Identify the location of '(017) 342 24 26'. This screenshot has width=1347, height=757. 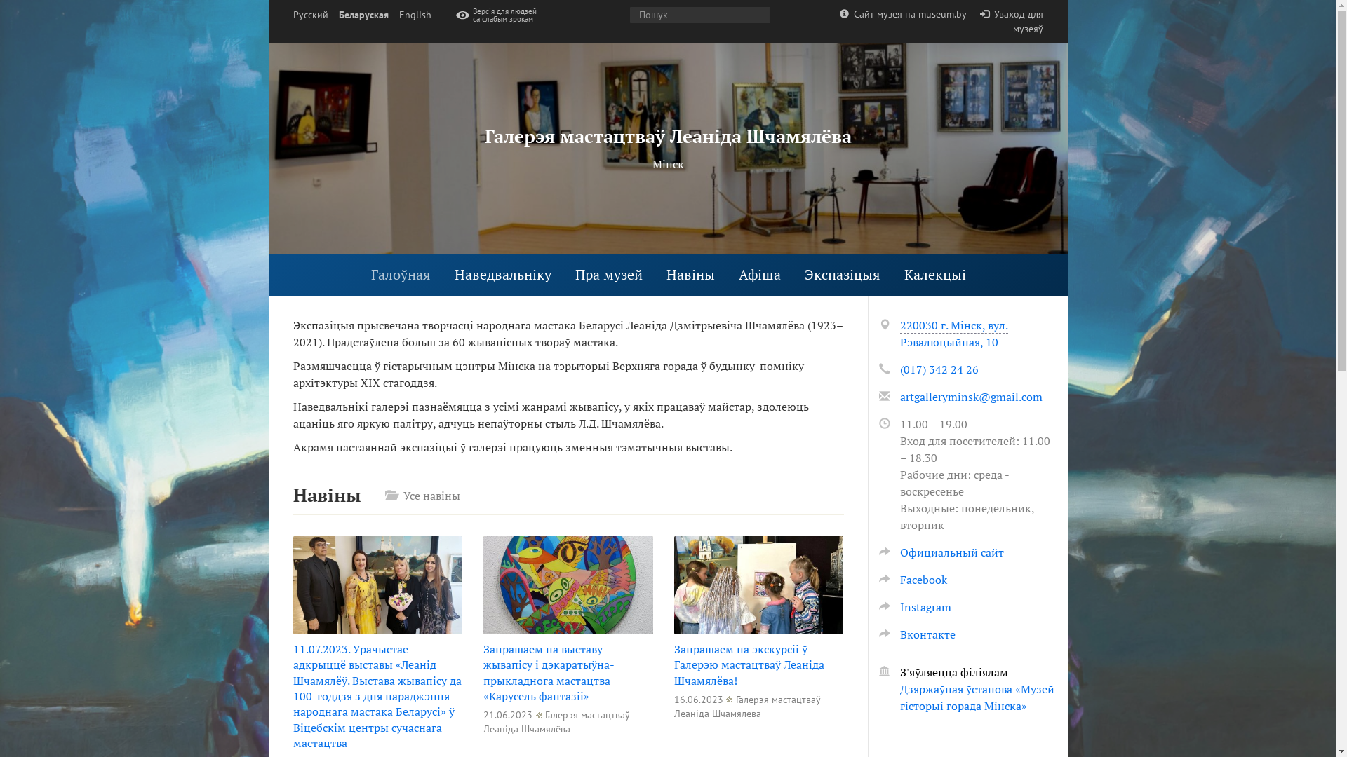
(939, 369).